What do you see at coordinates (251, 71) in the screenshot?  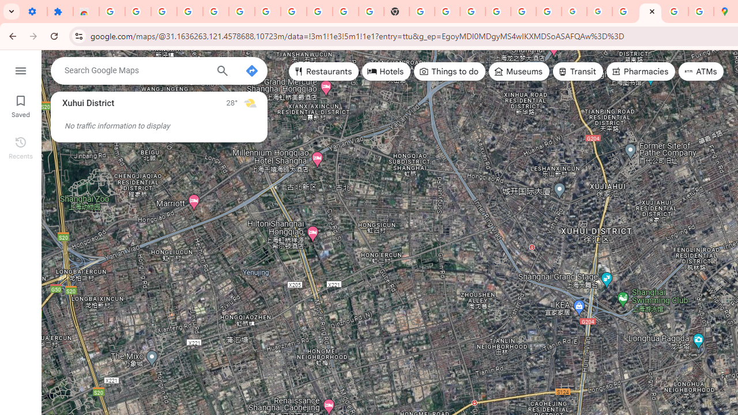 I see `'Directions'` at bounding box center [251, 71].